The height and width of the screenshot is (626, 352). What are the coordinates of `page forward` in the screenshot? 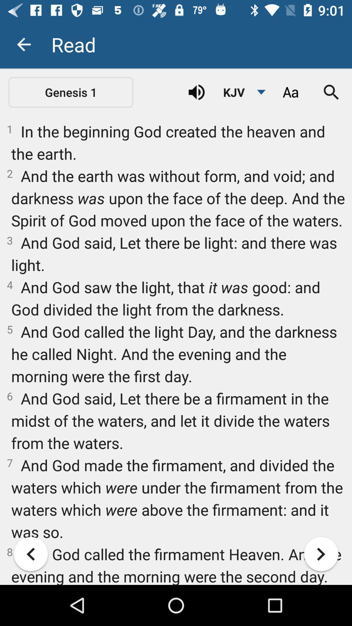 It's located at (321, 554).